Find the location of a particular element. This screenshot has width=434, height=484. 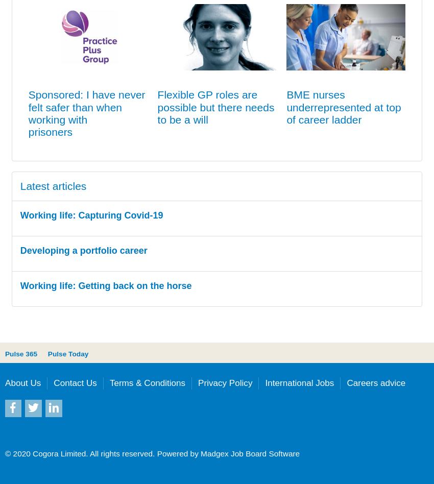

'Working life: Getting back on the horse' is located at coordinates (19, 285).